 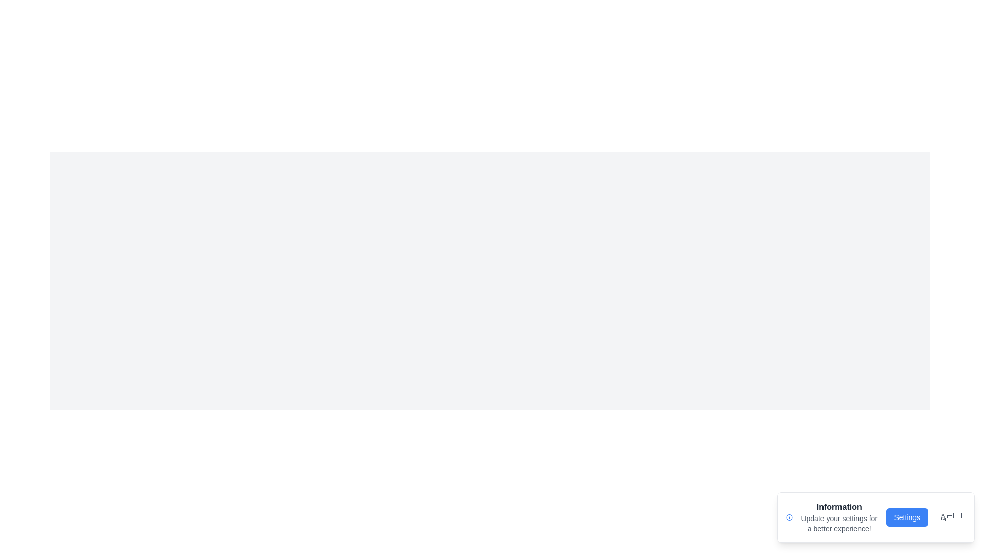 I want to click on the close button to dismiss the snackbar, so click(x=950, y=517).